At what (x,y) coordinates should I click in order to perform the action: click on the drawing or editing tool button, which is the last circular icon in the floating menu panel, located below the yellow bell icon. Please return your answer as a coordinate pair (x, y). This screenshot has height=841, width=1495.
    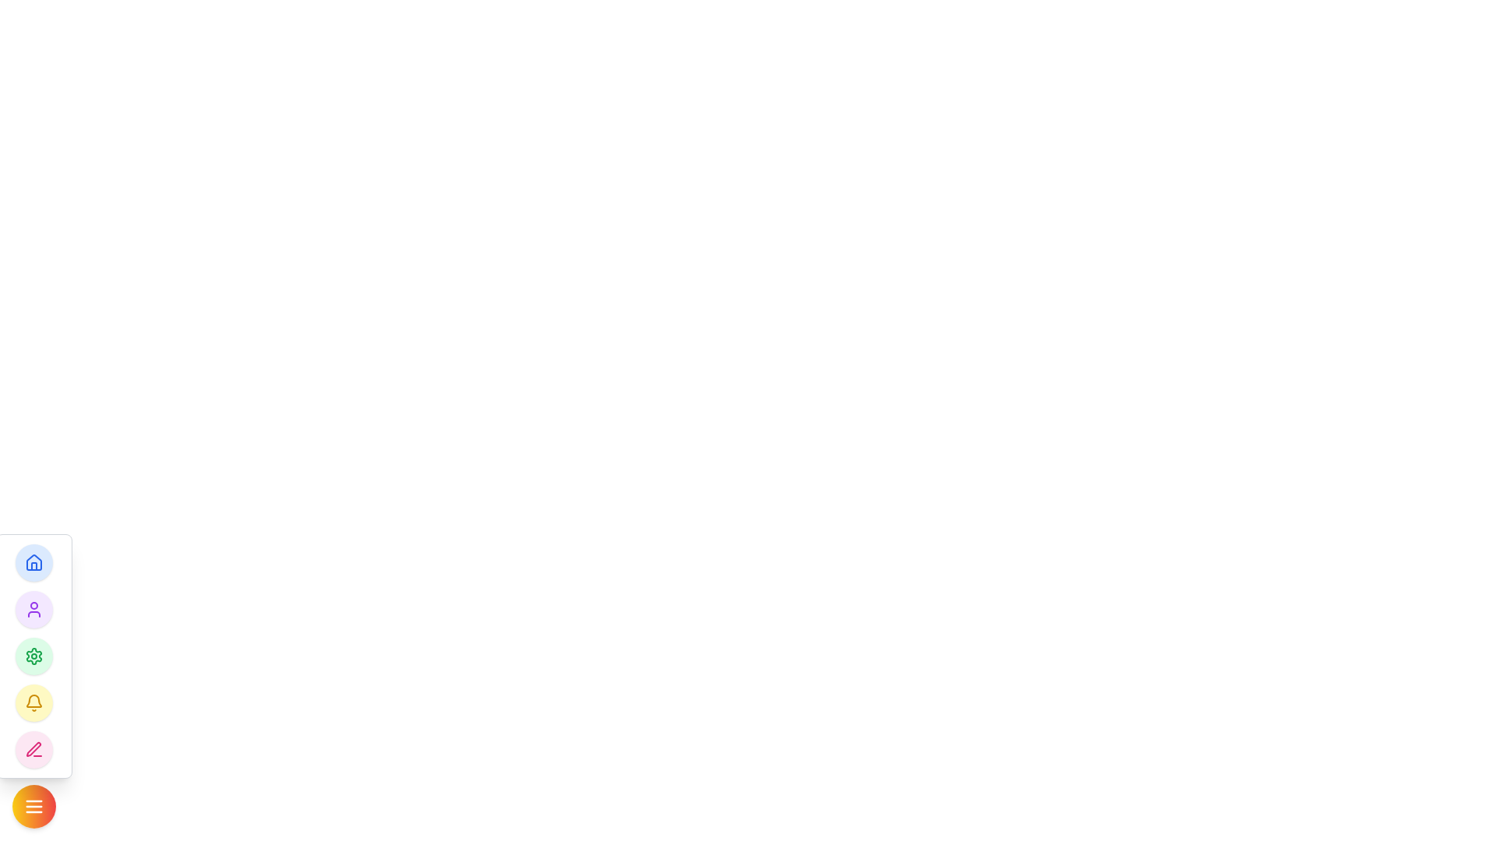
    Looking at the image, I should click on (33, 749).